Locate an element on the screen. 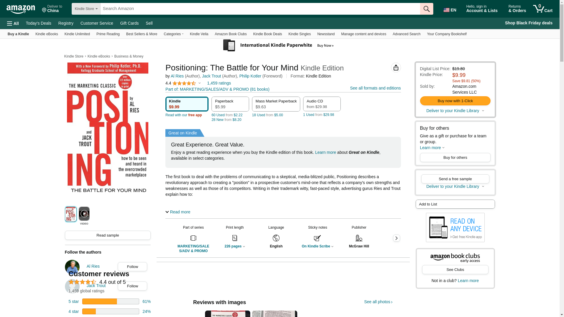 The image size is (564, 317). 'Your Company Bookshelf' is located at coordinates (446, 34).